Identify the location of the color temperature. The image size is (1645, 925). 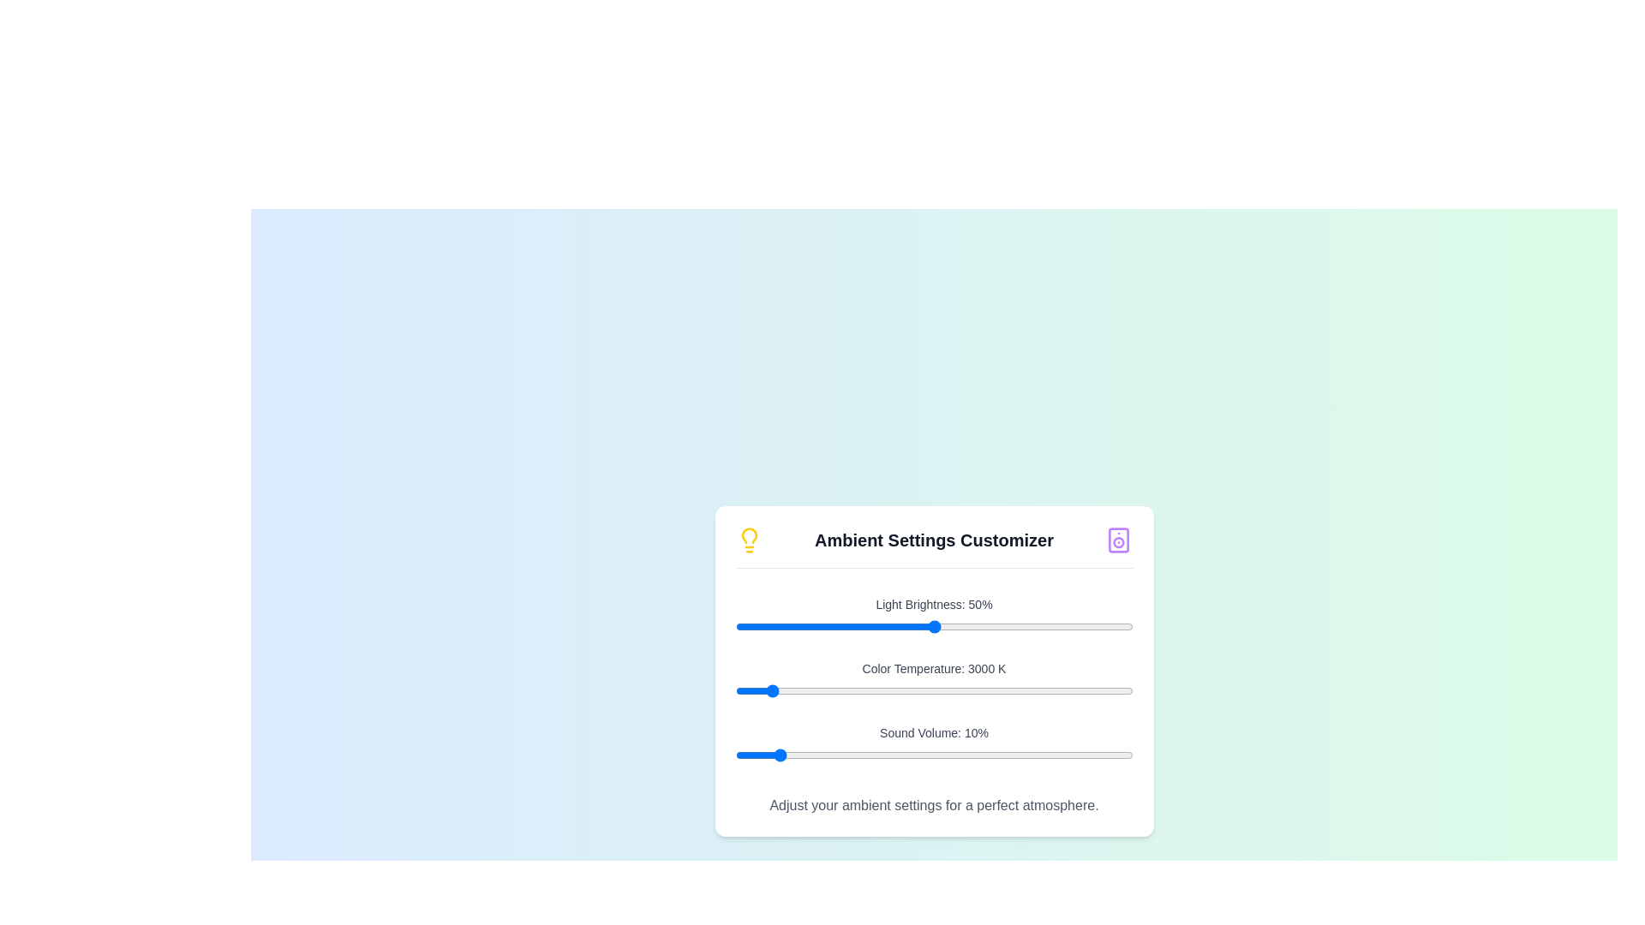
(805, 689).